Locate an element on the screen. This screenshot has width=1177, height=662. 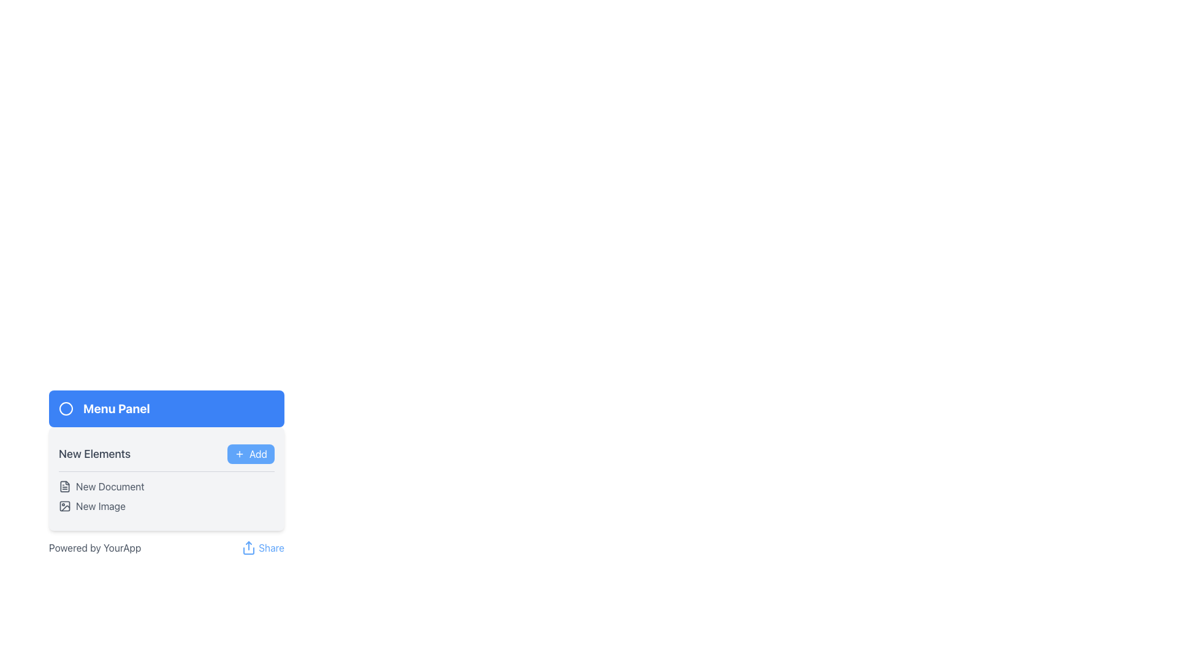
the decorative Circle icon located in the Menu Panel section at the top-left corner is located at coordinates (66, 409).